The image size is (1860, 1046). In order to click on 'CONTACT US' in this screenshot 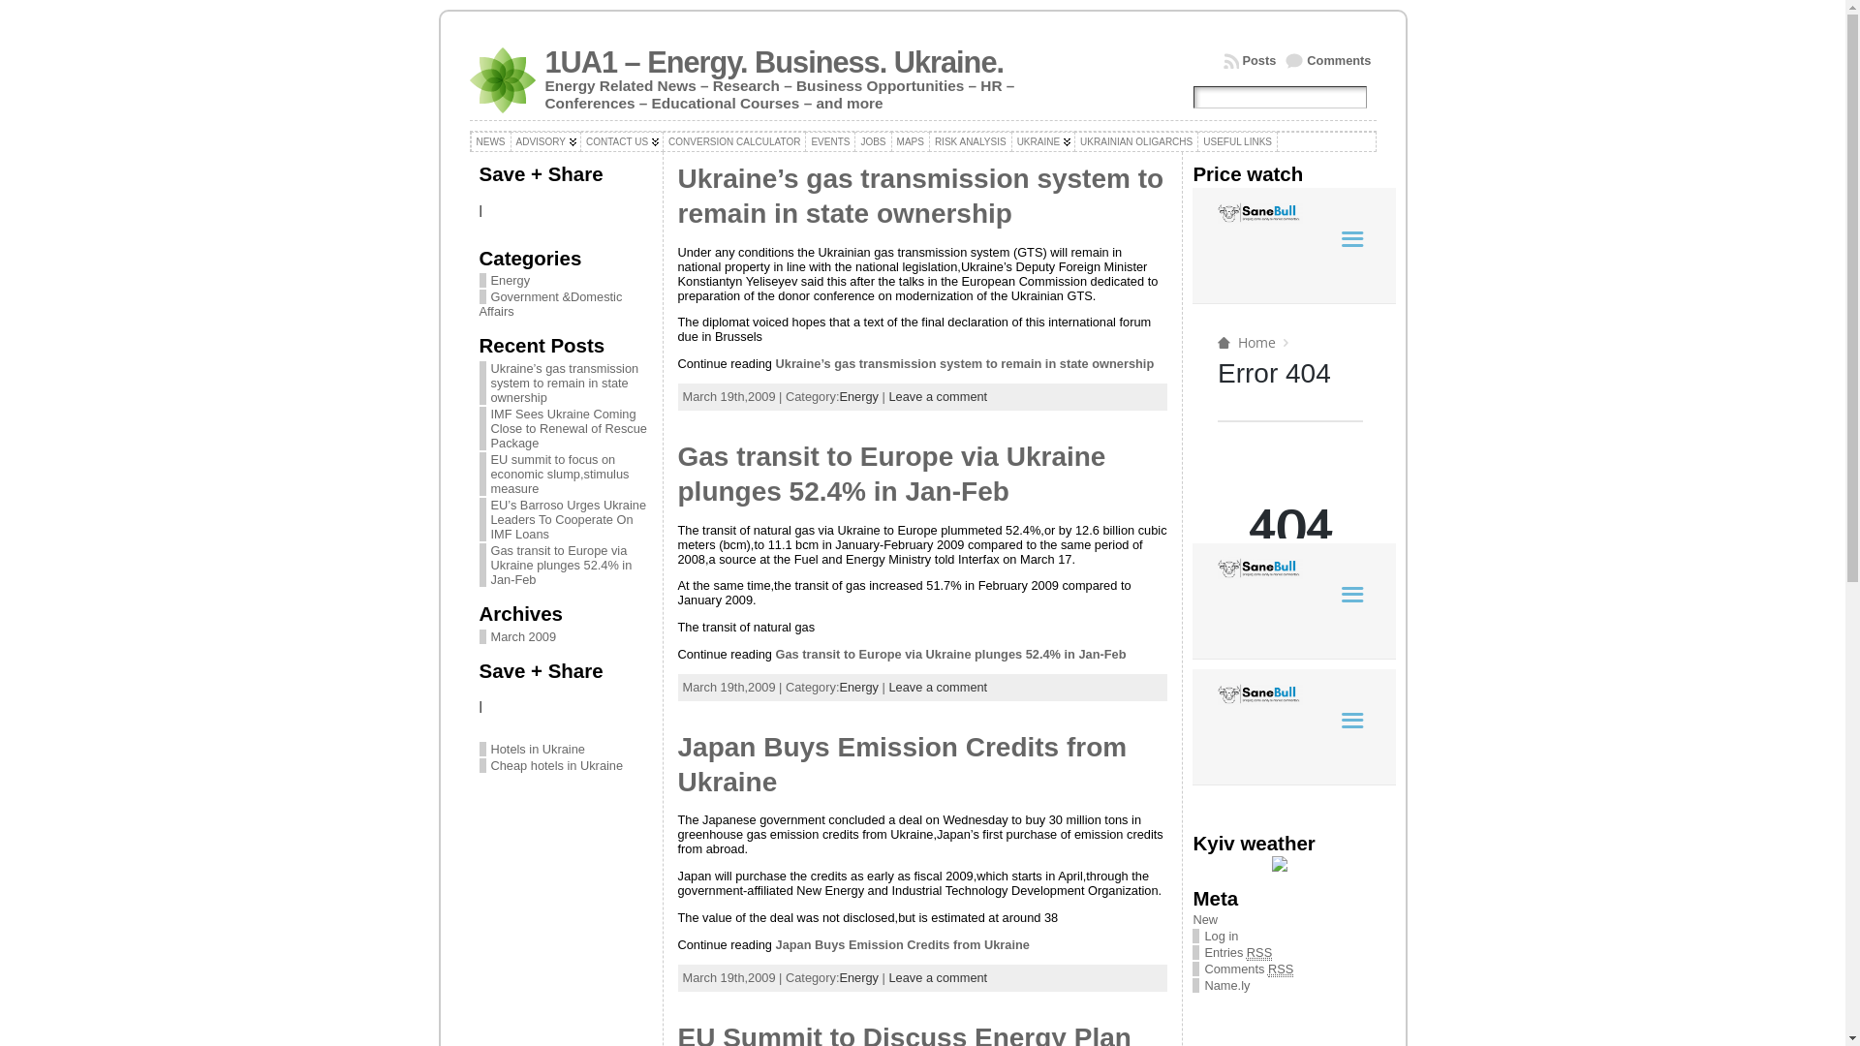, I will do `click(622, 140)`.